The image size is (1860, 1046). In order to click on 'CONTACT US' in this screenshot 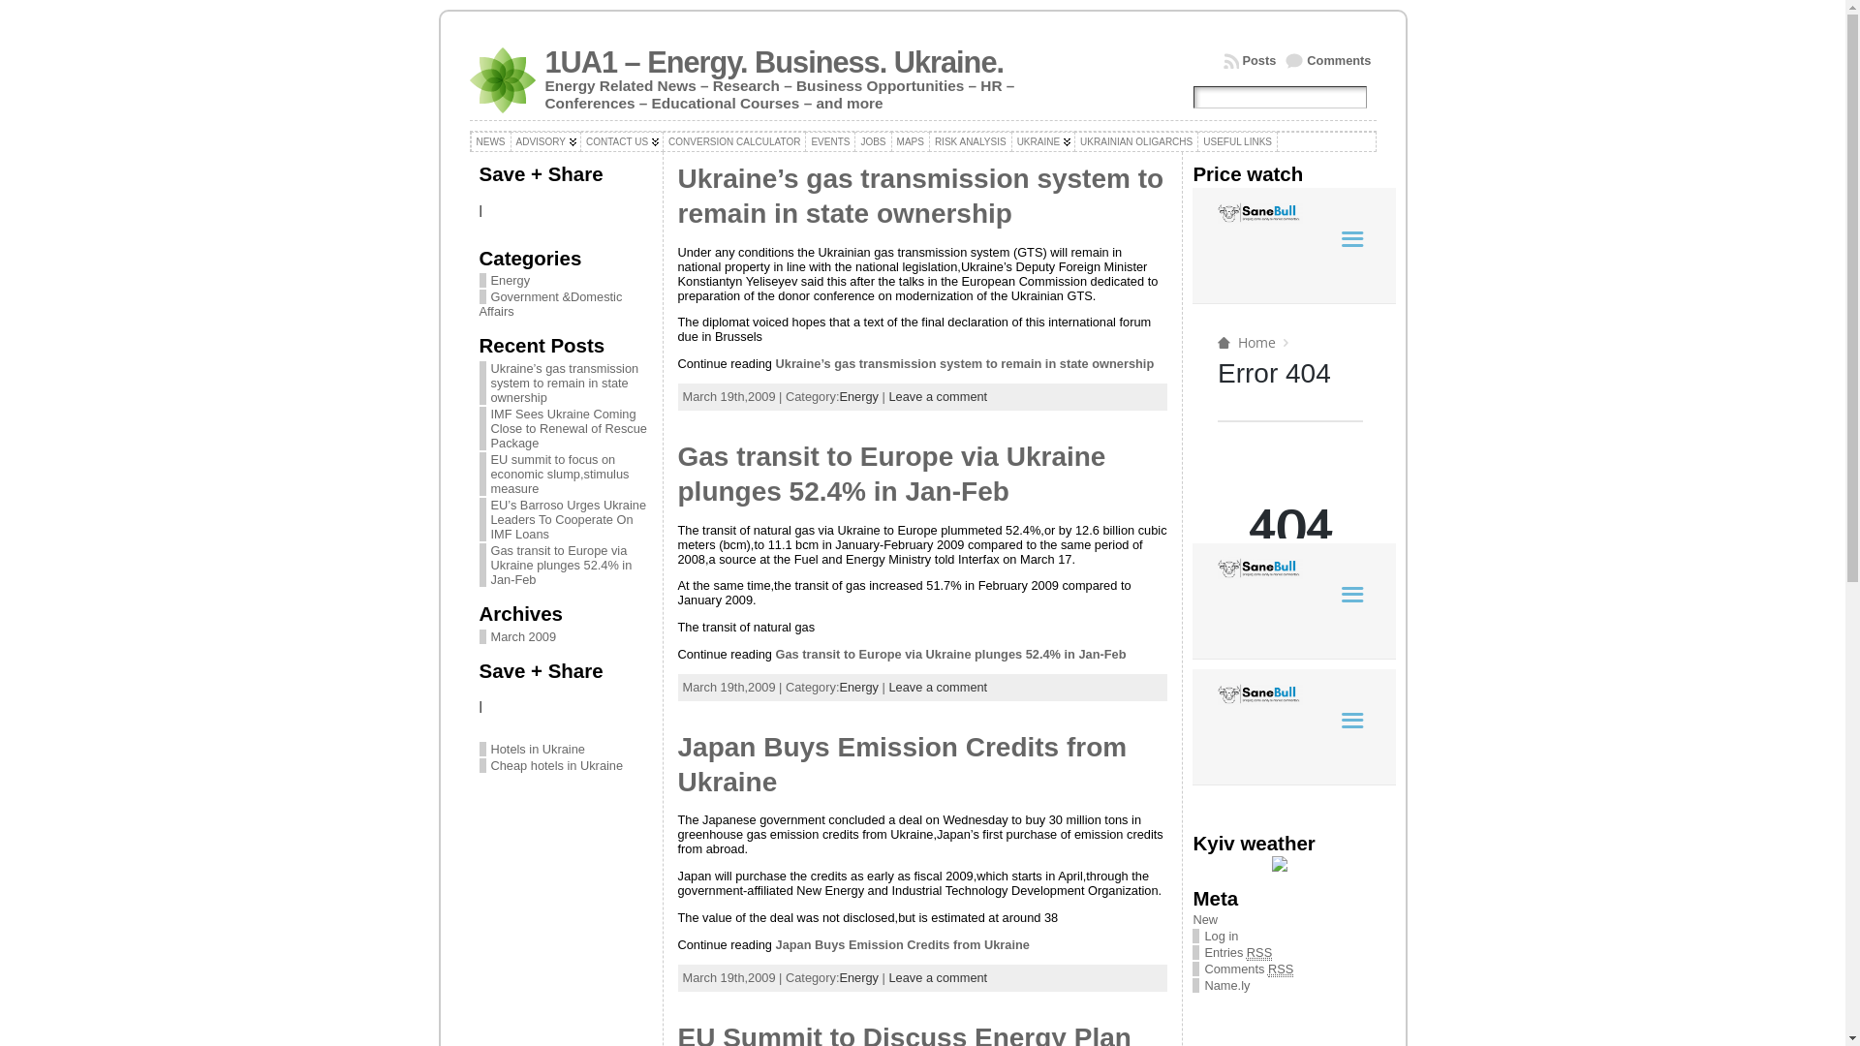, I will do `click(622, 140)`.